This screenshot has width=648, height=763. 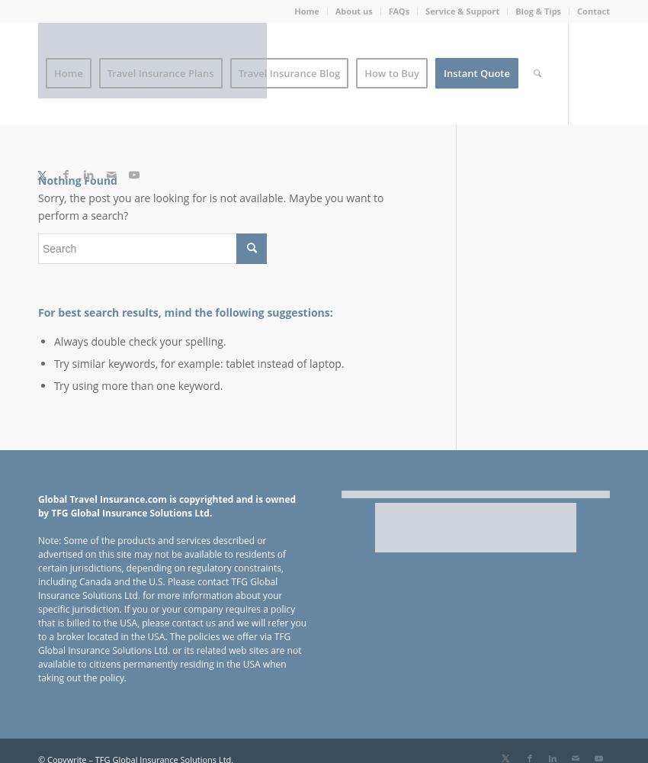 I want to click on 'Nothing Found', so click(x=76, y=179).